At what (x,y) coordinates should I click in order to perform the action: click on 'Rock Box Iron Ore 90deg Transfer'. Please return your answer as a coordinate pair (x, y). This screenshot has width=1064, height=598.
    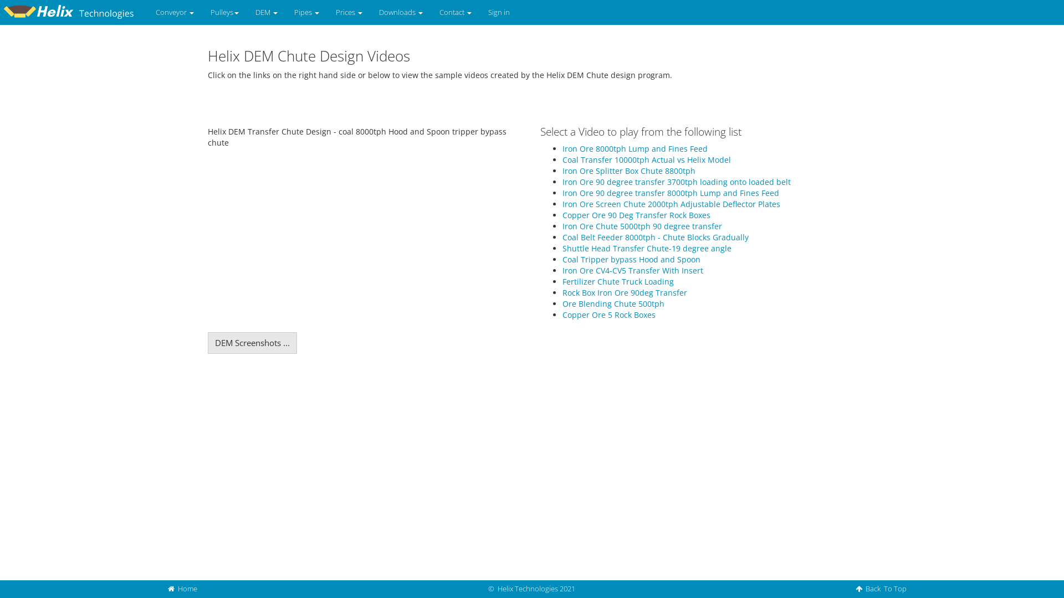
    Looking at the image, I should click on (625, 292).